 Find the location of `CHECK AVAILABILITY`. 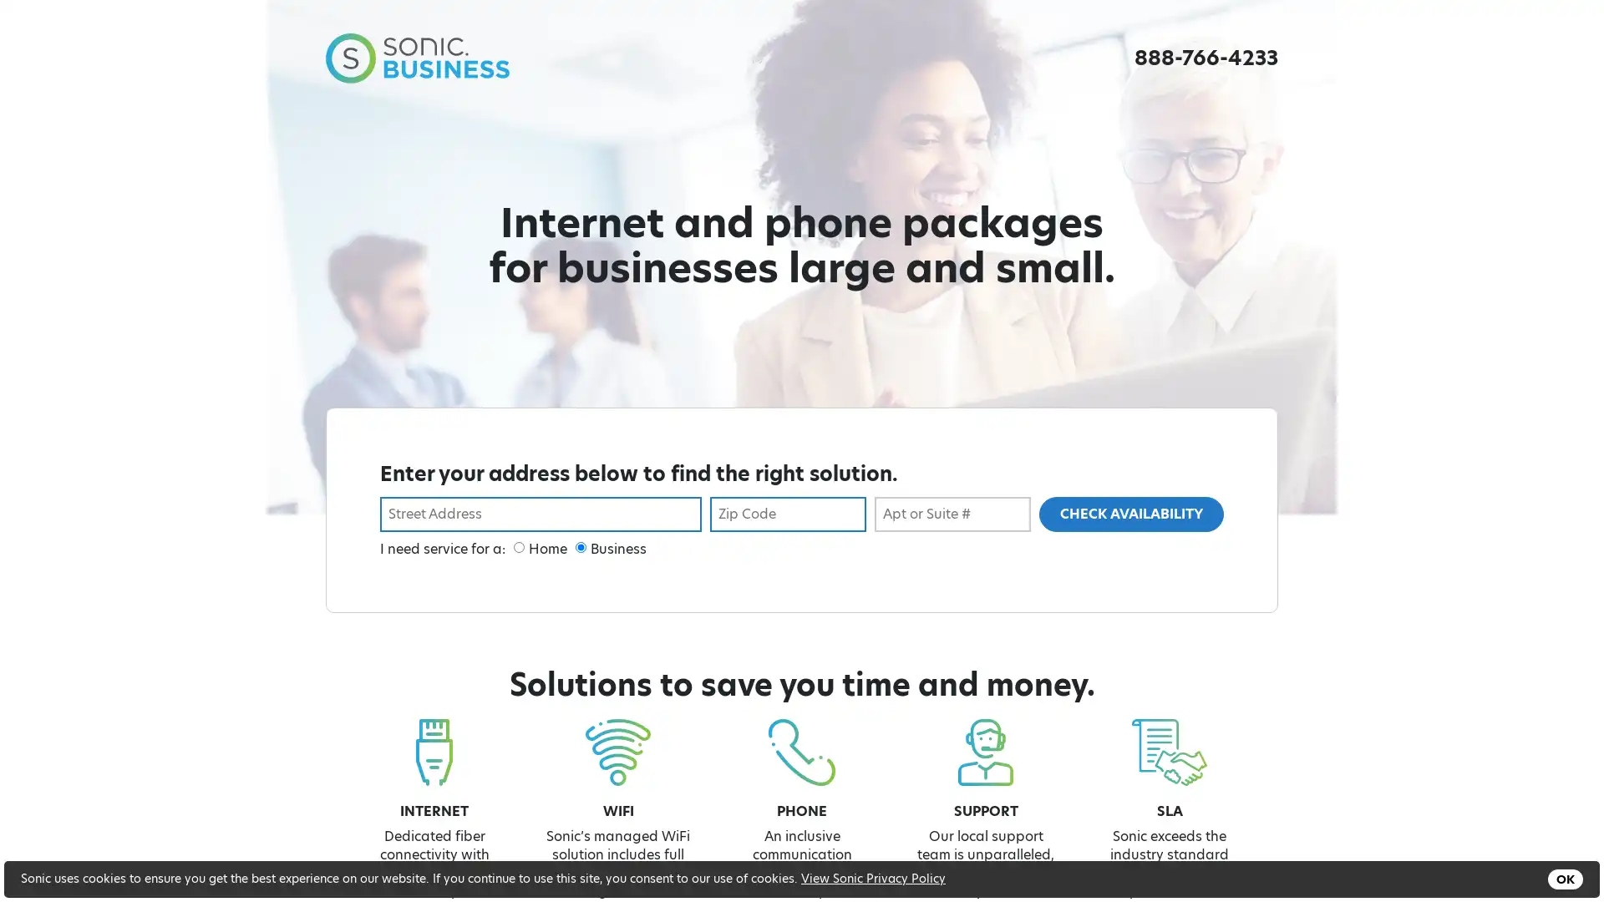

CHECK AVAILABILITY is located at coordinates (1131, 514).